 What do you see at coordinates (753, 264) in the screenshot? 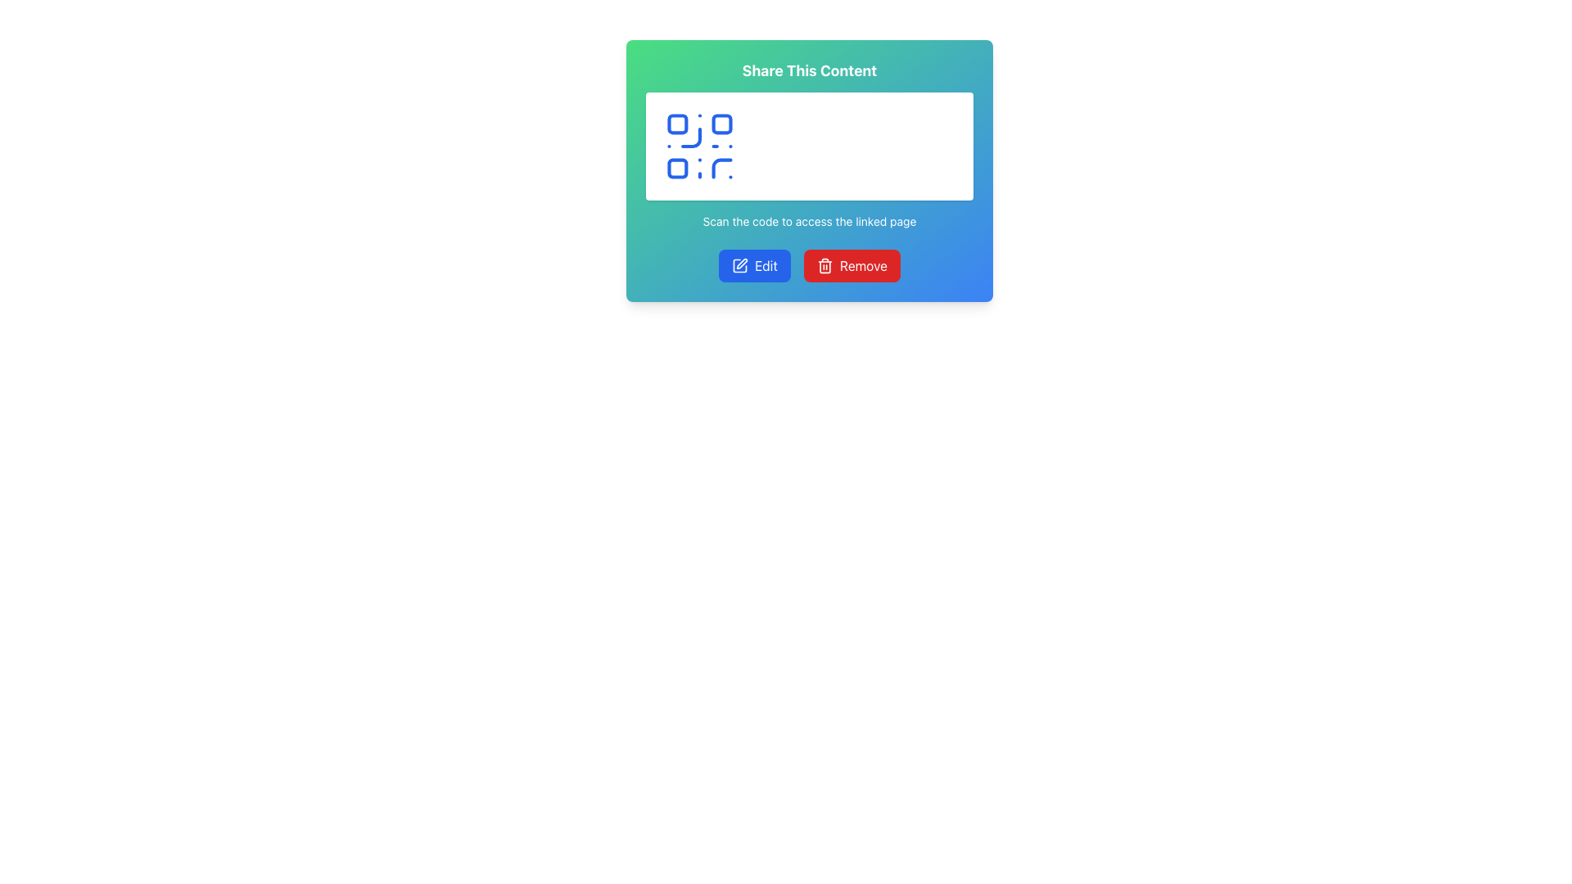
I see `the 'Edit' button with a blue background and a pencil icon on the left side, located on the left side of two buttons, to change its background color` at bounding box center [753, 264].